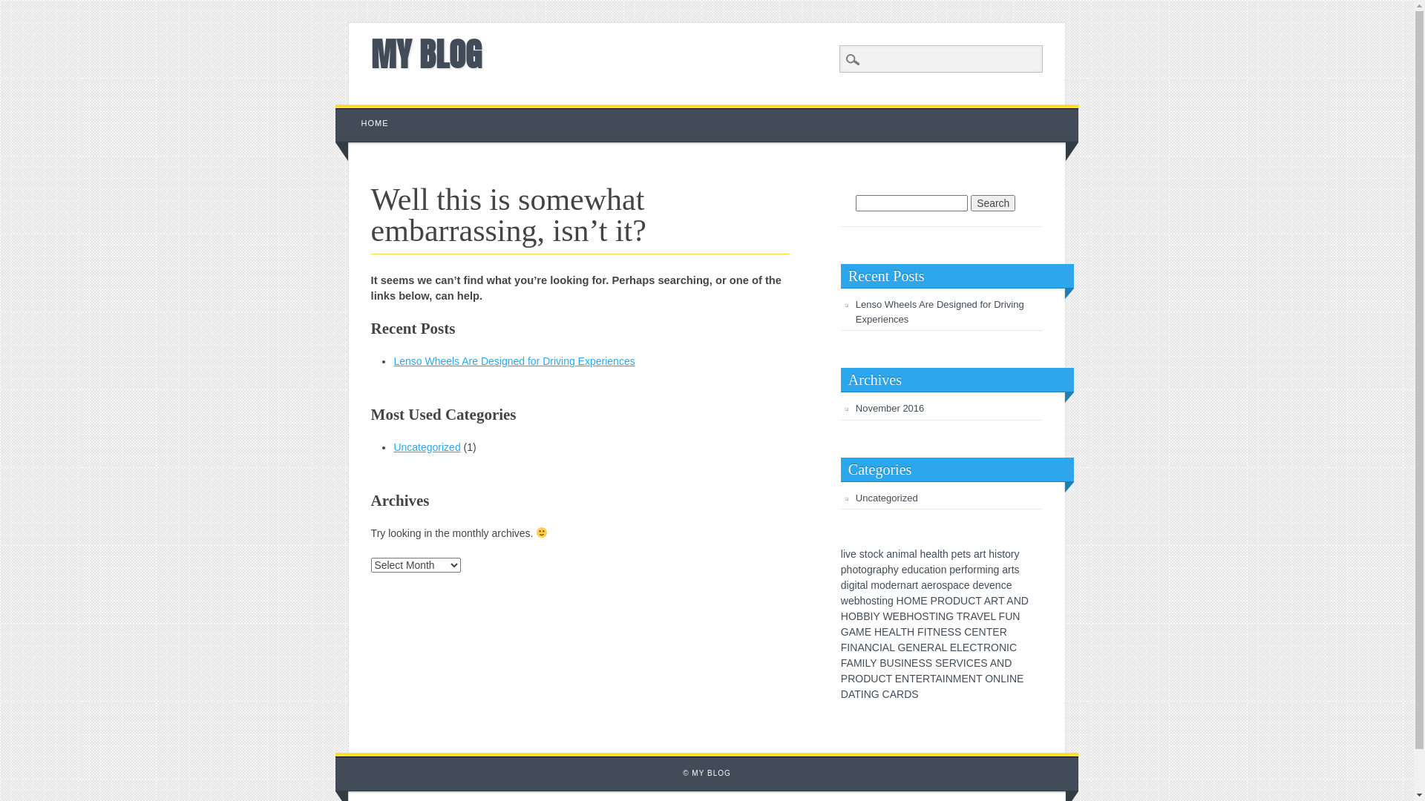 Image resolution: width=1425 pixels, height=801 pixels. I want to click on 'T', so click(931, 616).